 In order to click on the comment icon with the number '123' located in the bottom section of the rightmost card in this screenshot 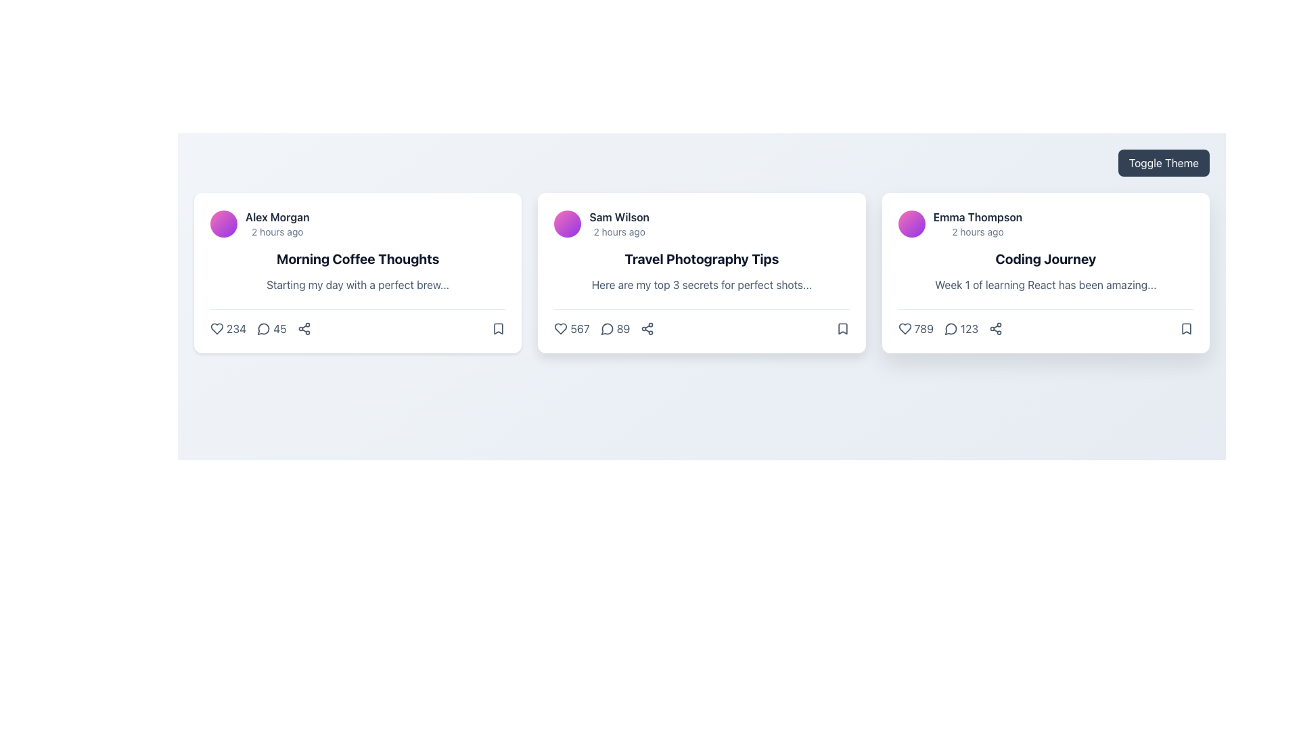, I will do `click(961, 329)`.